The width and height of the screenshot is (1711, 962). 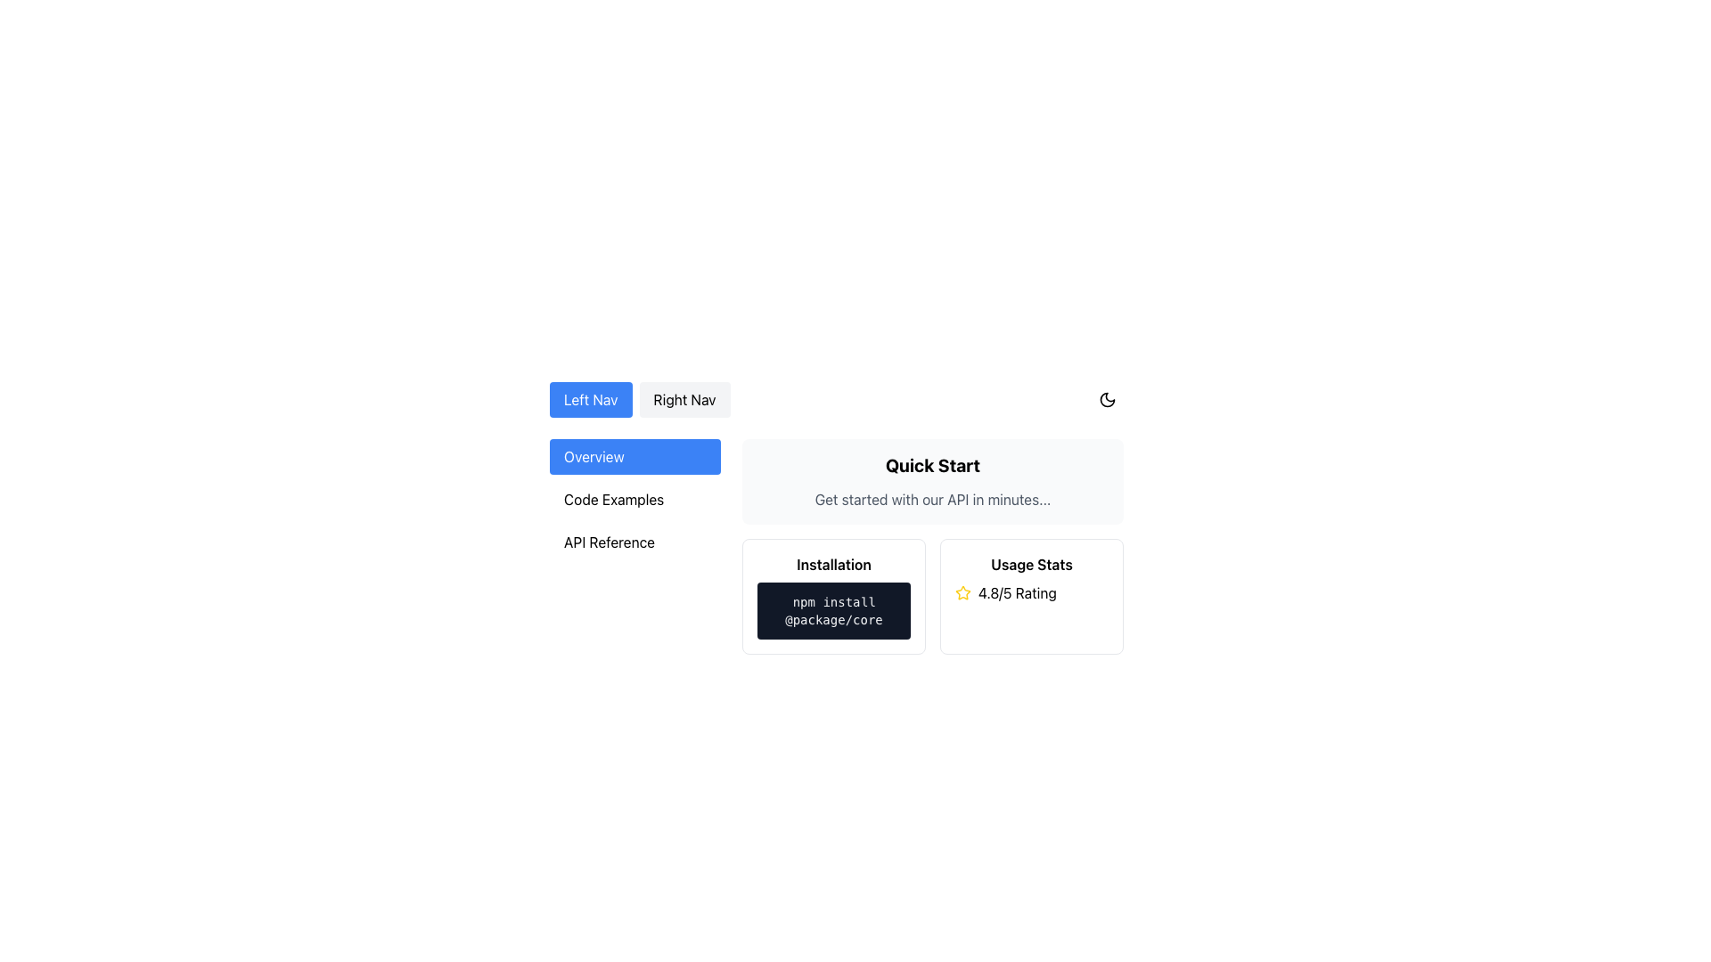 I want to click on the 'Code Examples' button, which is the second option in a vertical list of three buttons, positioned below 'Overview' and above 'API Reference', so click(x=635, y=499).